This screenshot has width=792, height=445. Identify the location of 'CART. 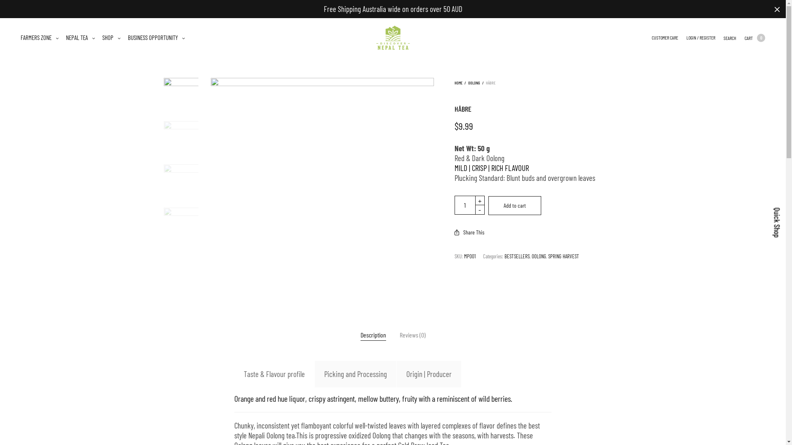
(744, 38).